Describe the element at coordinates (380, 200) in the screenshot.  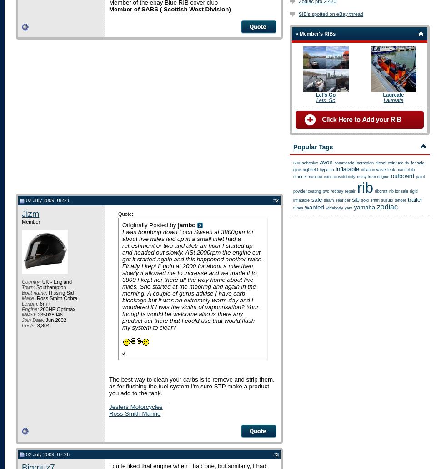
I see `'suzuki'` at that location.